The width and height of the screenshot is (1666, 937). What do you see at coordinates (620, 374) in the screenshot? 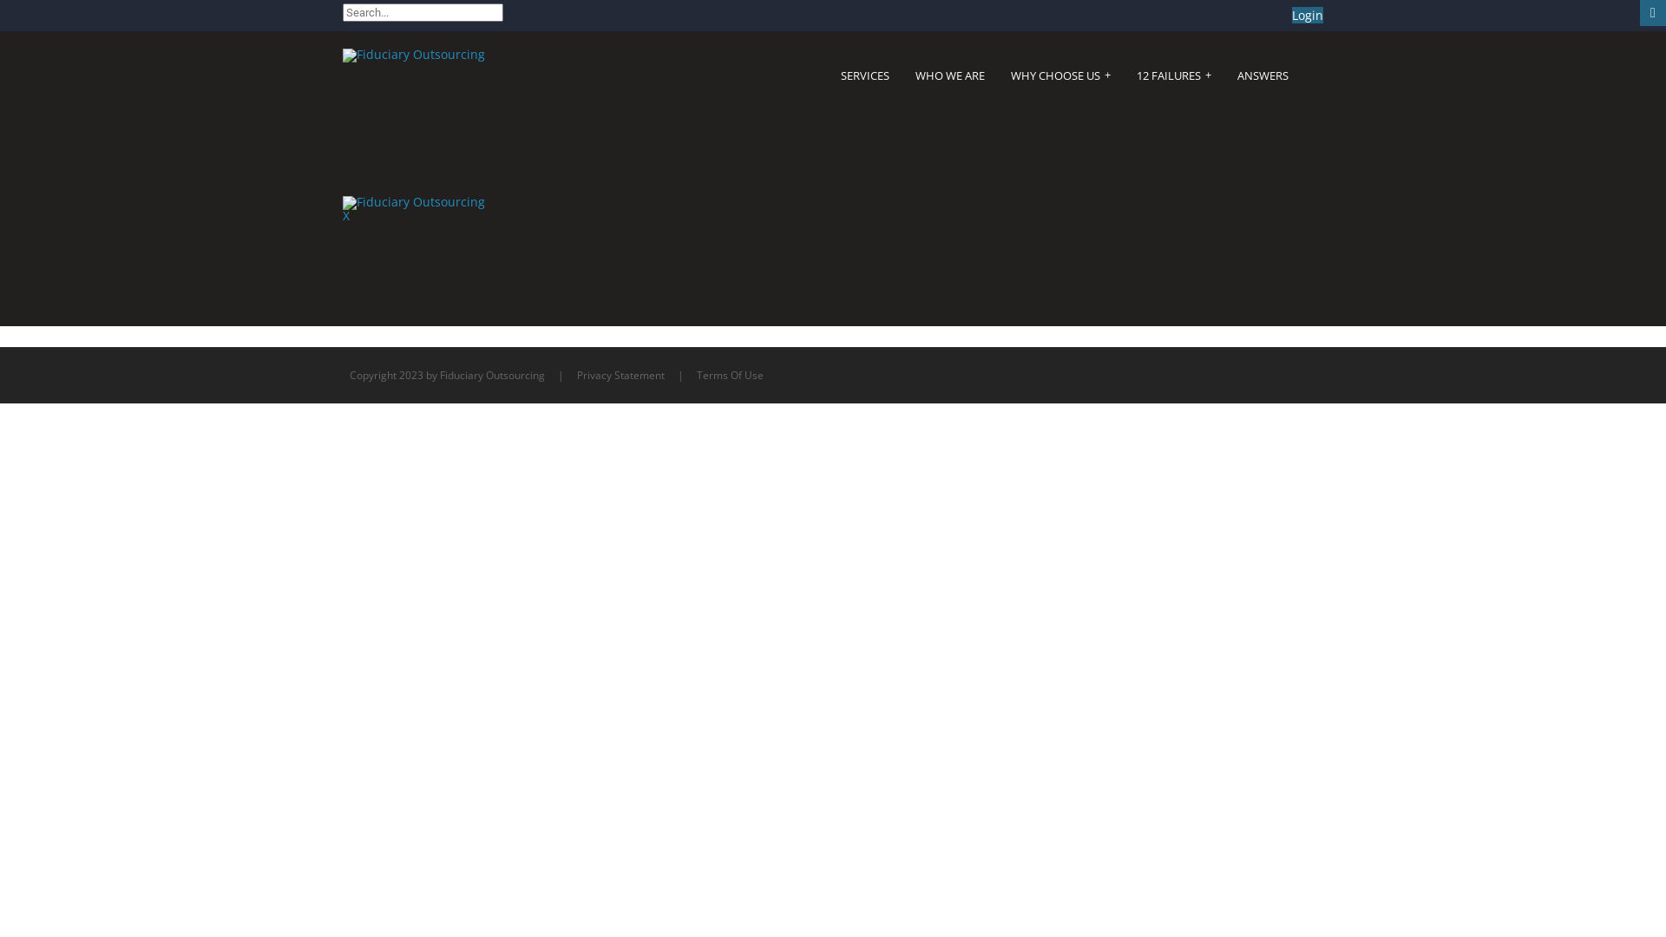
I see `'Privacy Statement'` at bounding box center [620, 374].